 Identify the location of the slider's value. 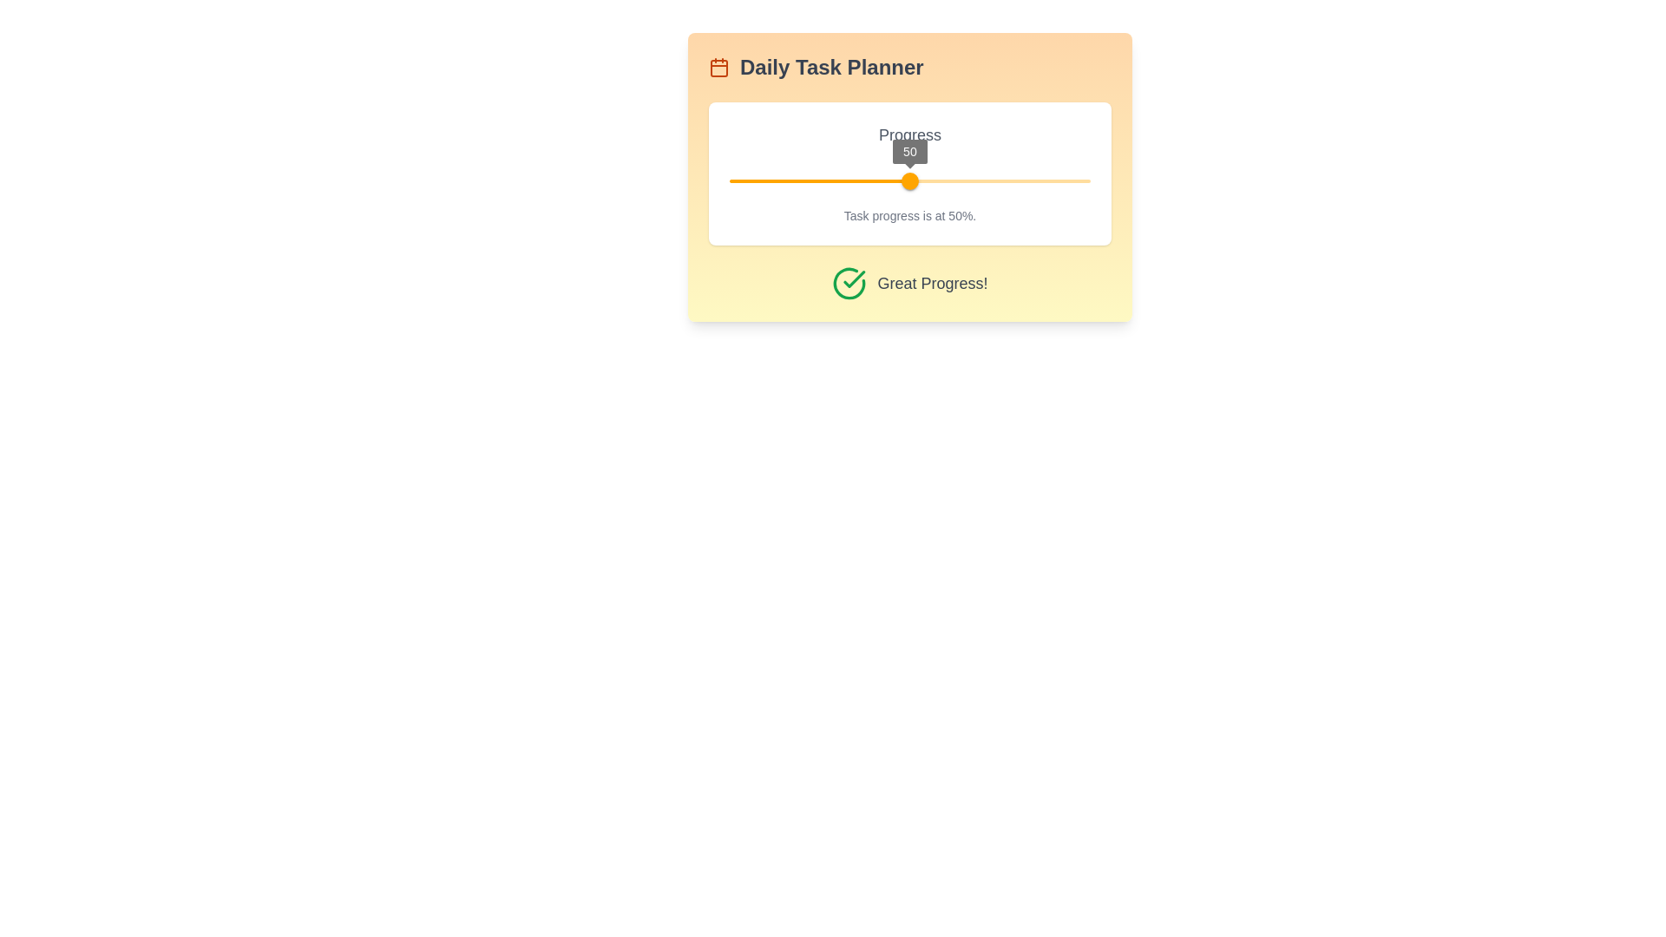
(830, 180).